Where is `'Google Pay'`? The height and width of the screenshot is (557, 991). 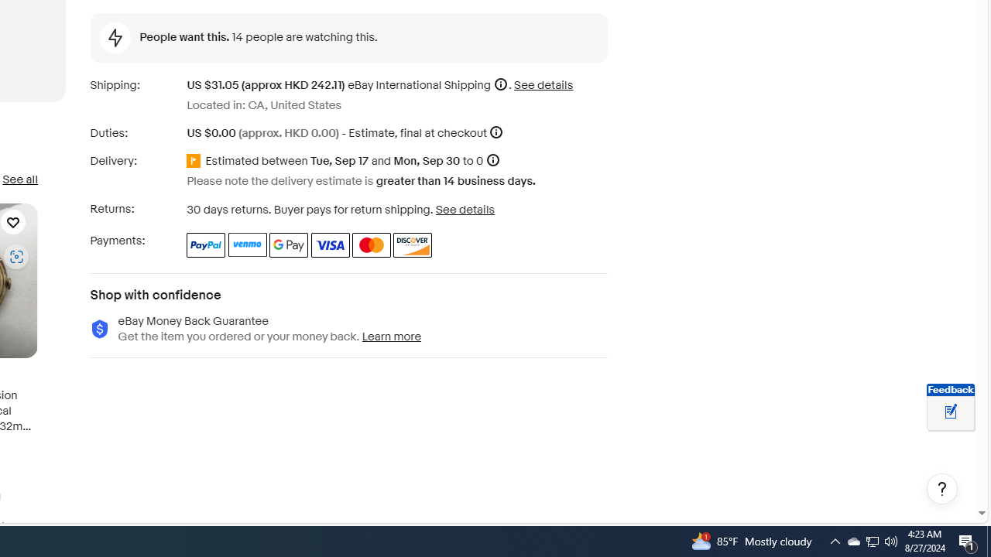
'Google Pay' is located at coordinates (289, 244).